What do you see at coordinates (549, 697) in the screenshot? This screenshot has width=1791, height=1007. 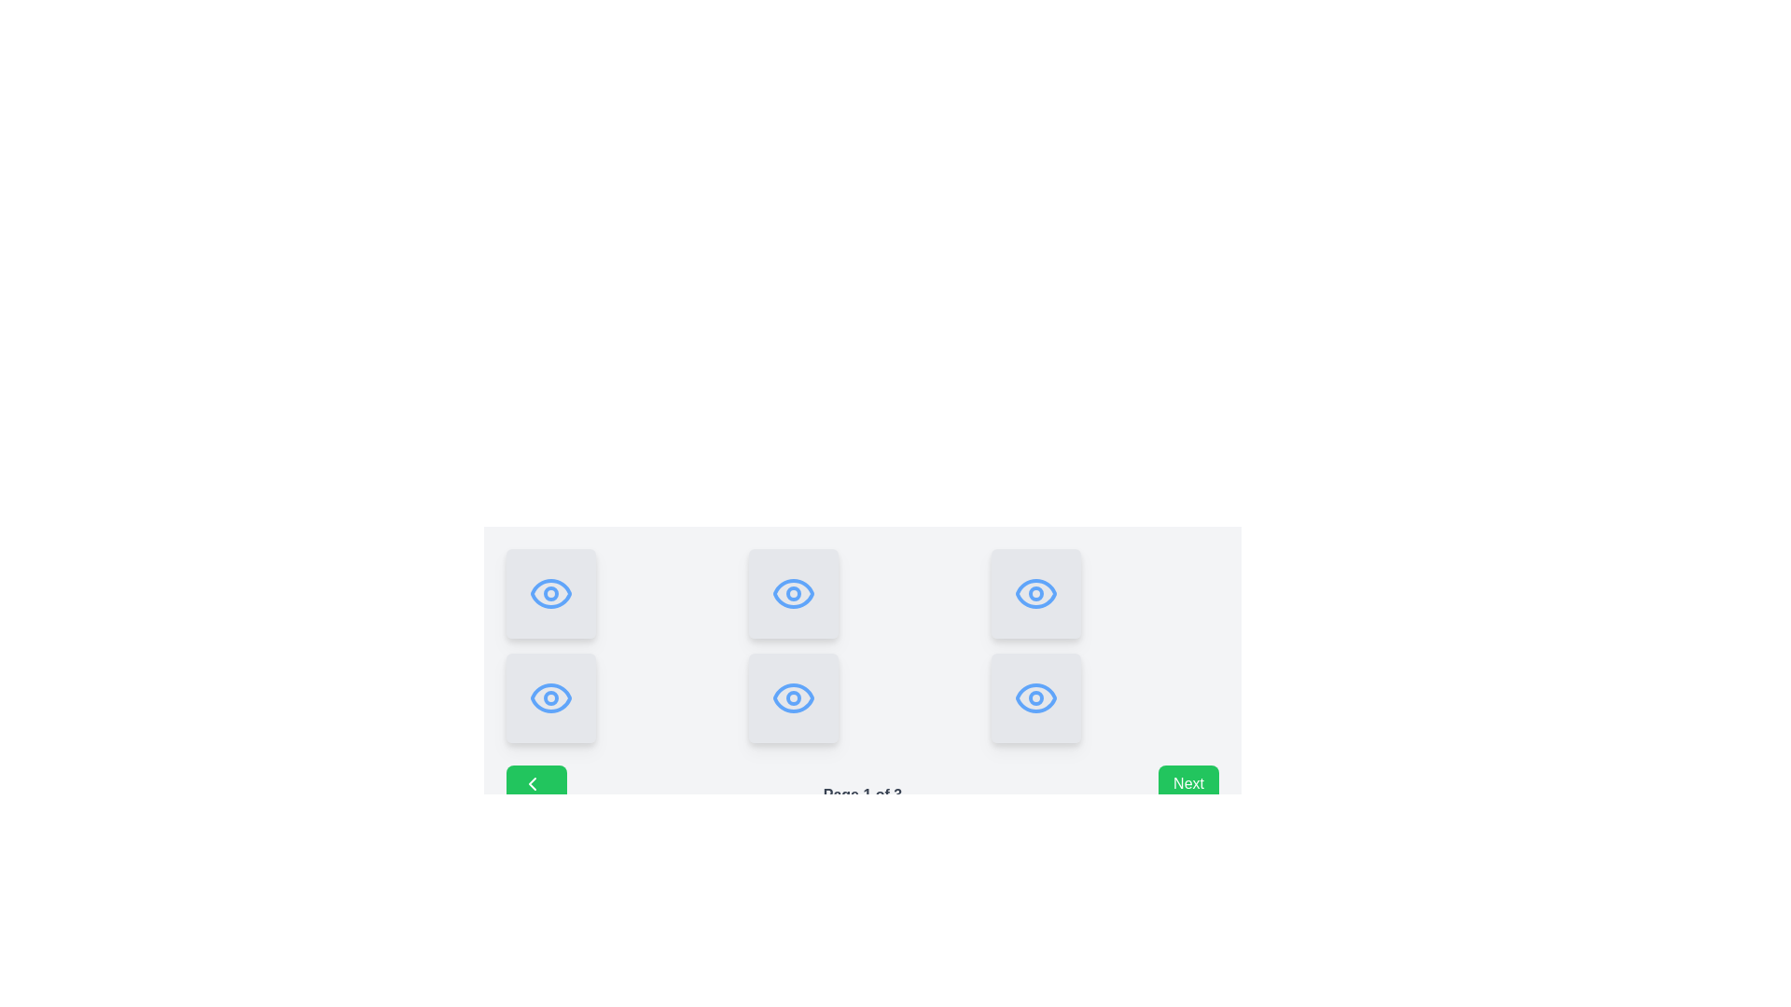 I see `the light gray interactive button with a blue outlined eye icon located in the second column of the second row of the grid layout` at bounding box center [549, 697].